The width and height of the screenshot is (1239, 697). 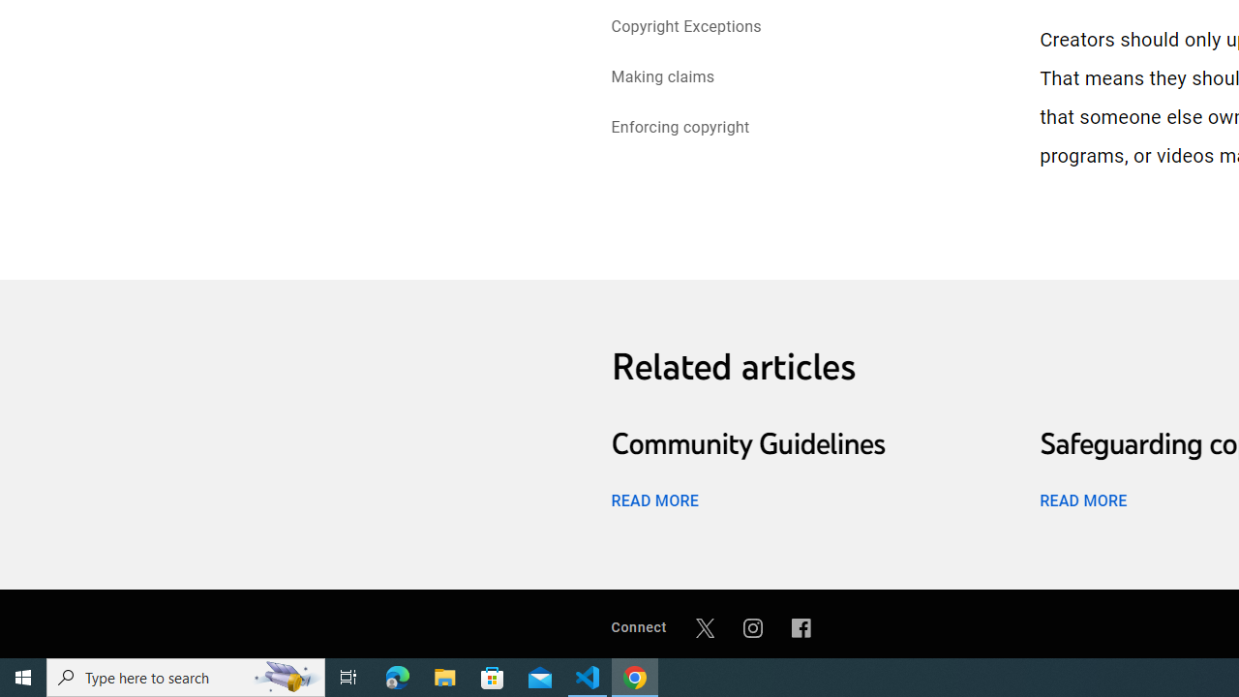 What do you see at coordinates (801, 627) in the screenshot?
I see `'Facebook'` at bounding box center [801, 627].